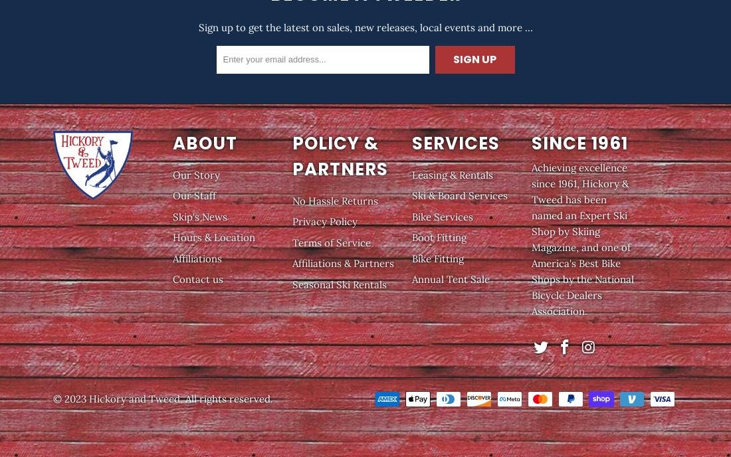 The image size is (731, 457). I want to click on 'Bike Fitting', so click(438, 257).